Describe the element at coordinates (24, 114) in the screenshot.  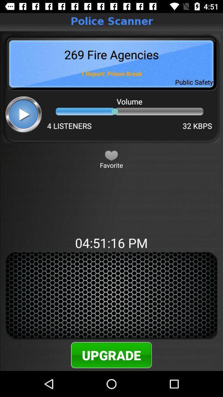
I see `the play icon` at that location.